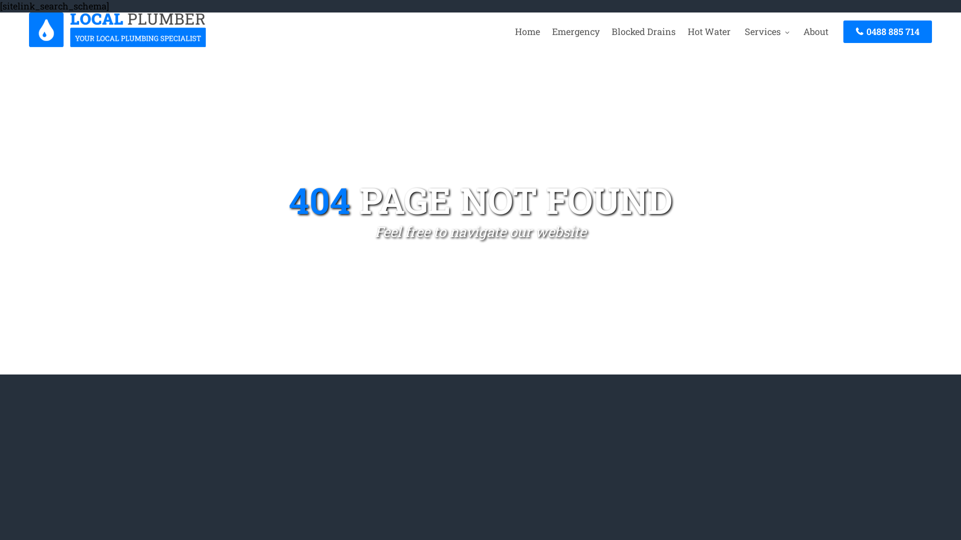 The width and height of the screenshot is (961, 540). Describe the element at coordinates (644, 30) in the screenshot. I see `'Blocked Drains'` at that location.